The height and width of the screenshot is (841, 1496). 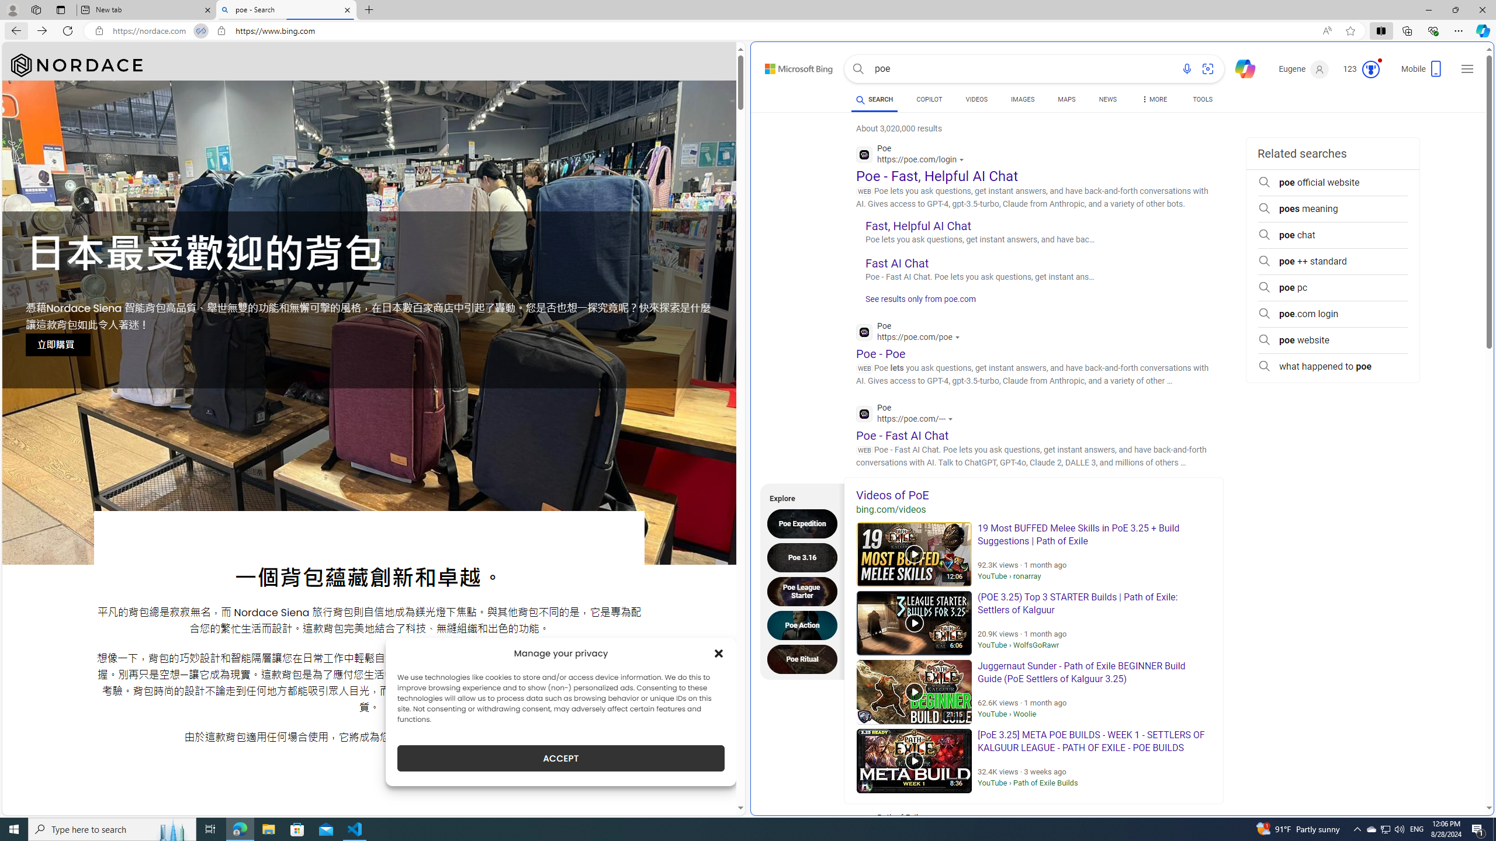 What do you see at coordinates (1066, 99) in the screenshot?
I see `'MAPS'` at bounding box center [1066, 99].